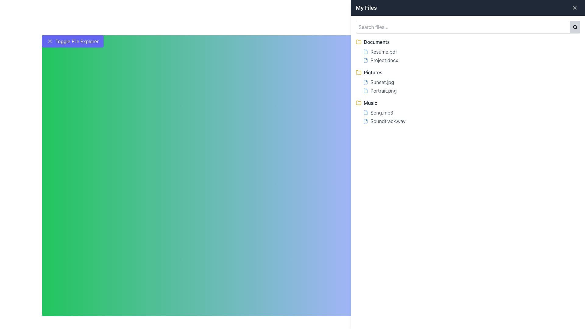 The height and width of the screenshot is (329, 585). I want to click on to select the file 'Soundtrack.wav' in the Music folder, which is the second file listed under the My Files section, so click(471, 121).